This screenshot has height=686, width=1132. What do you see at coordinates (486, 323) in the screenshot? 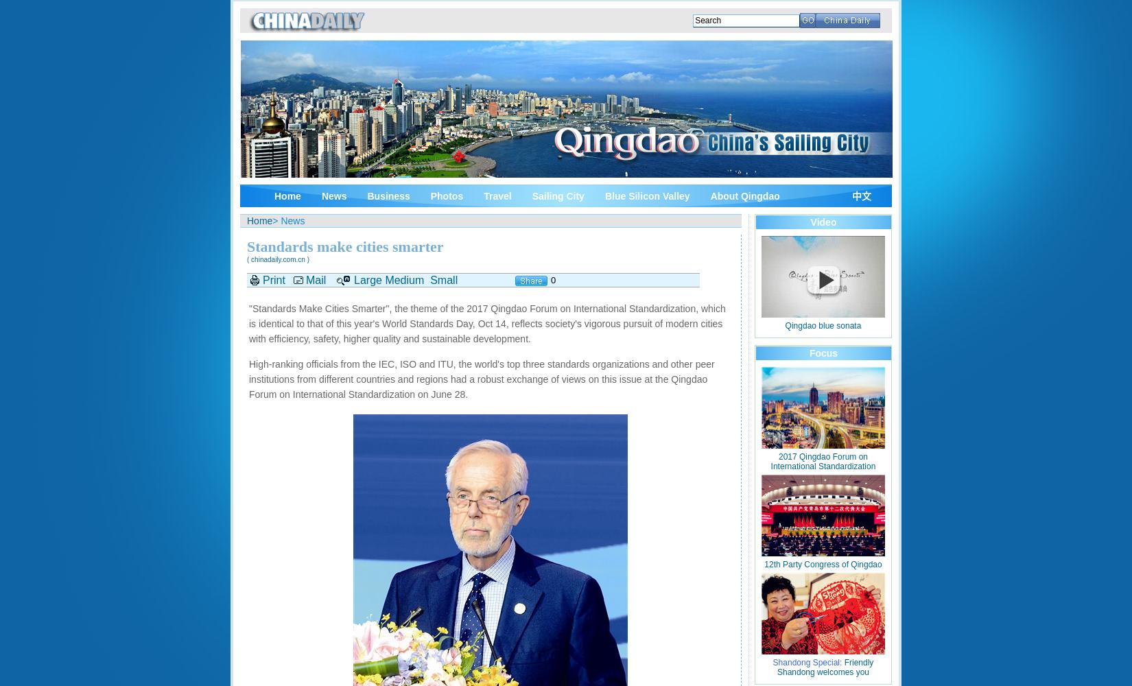
I see `'"Standards Make Cities Smarter", the theme of the 2017 Qingdao Forum on International Standardization, which is identical to that of this year's World Standards Day, Oct 14, reflects society's vigorous pursuit of modern cities with efficiency, safety, higher quality and sustainable development.'` at bounding box center [486, 323].